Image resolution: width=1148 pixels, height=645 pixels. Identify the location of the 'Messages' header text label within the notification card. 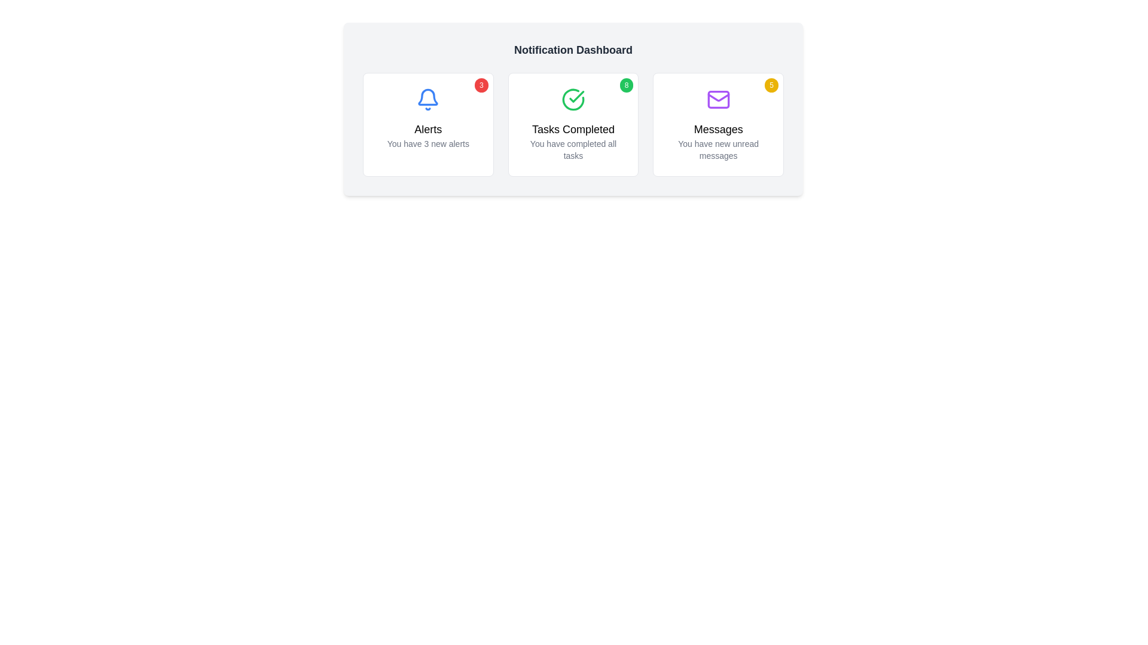
(717, 129).